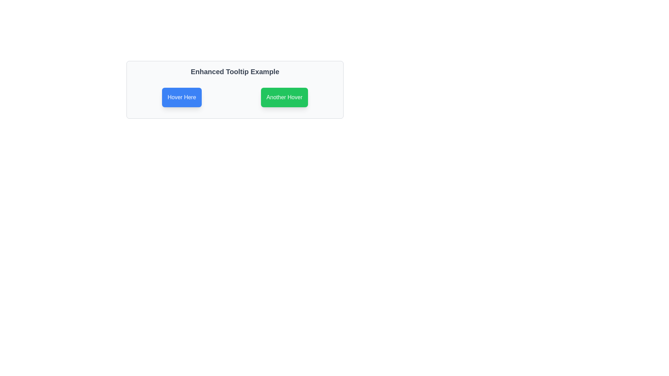  I want to click on the second button from the left in a horizontal row of two buttons, so click(284, 97).